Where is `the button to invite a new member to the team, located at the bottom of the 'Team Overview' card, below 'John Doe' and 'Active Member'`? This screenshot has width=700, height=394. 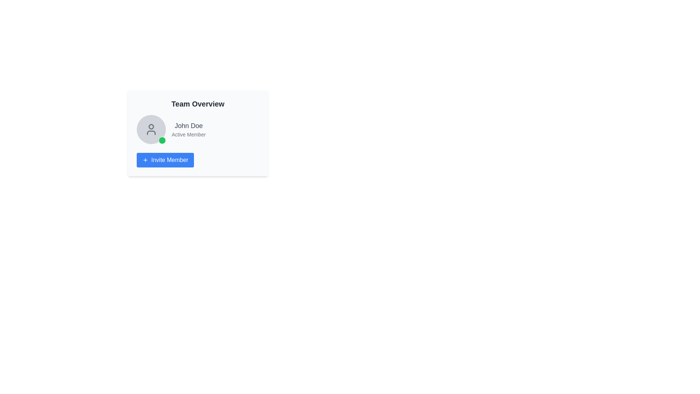 the button to invite a new member to the team, located at the bottom of the 'Team Overview' card, below 'John Doe' and 'Active Member' is located at coordinates (165, 160).